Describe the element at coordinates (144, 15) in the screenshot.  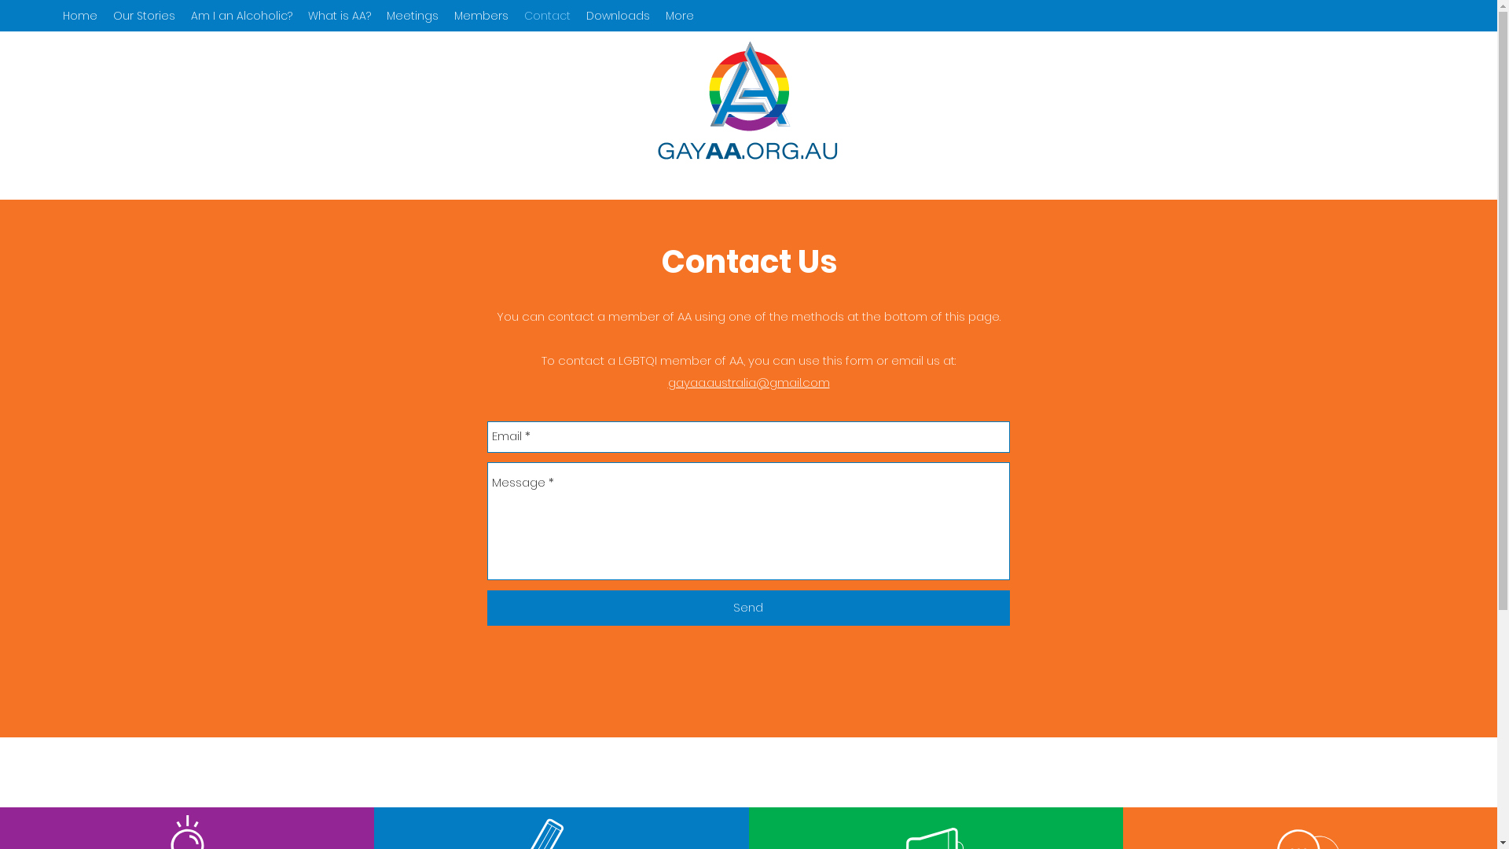
I see `'Our Stories'` at that location.